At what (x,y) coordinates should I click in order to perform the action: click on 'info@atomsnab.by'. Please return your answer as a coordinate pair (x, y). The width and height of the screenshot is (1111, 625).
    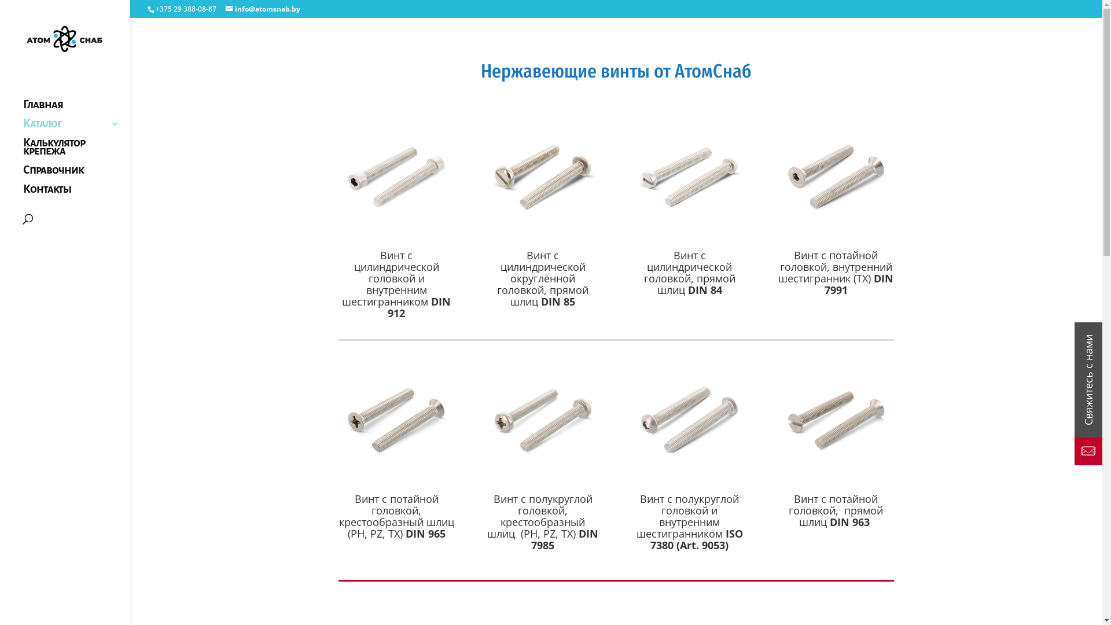
    Looking at the image, I should click on (262, 9).